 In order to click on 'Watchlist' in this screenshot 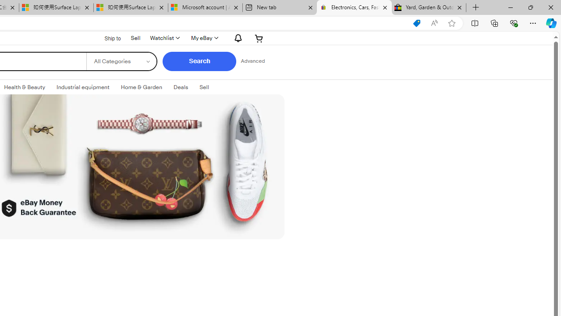, I will do `click(164, 38)`.